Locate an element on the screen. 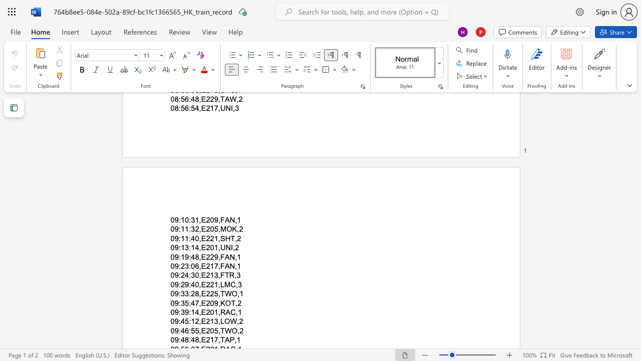 This screenshot has width=641, height=361. the subset text "E225," within the text "09:33:28,E225,TWO,1" is located at coordinates (200, 293).